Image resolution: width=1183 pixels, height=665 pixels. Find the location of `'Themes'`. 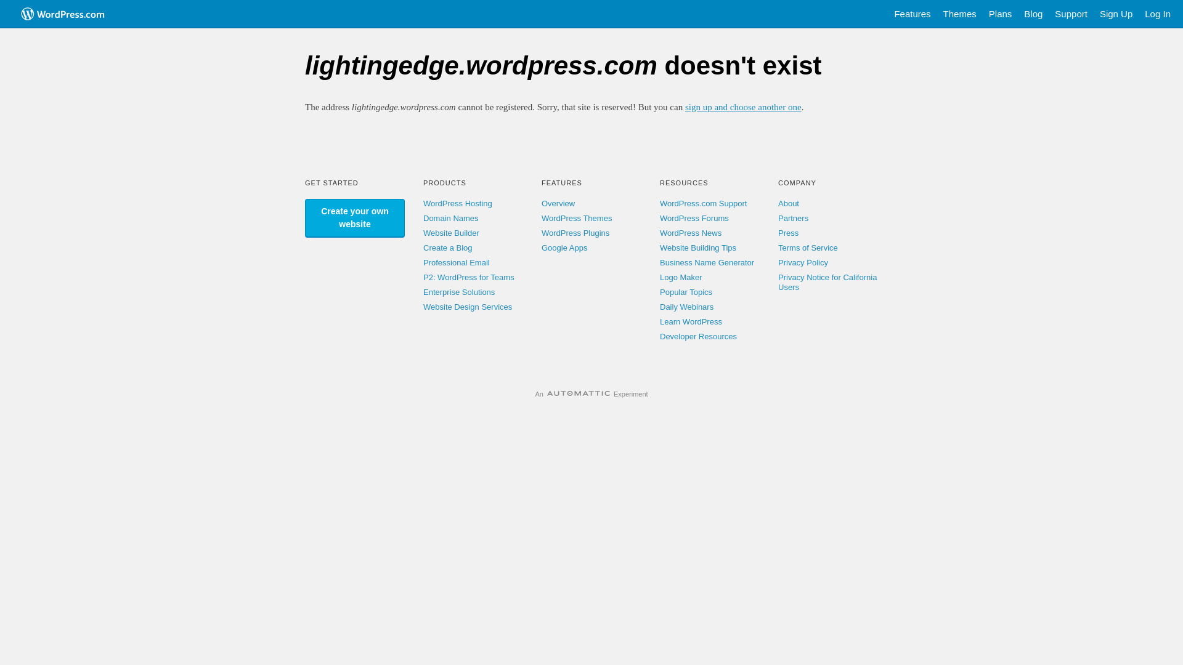

'Themes' is located at coordinates (959, 14).